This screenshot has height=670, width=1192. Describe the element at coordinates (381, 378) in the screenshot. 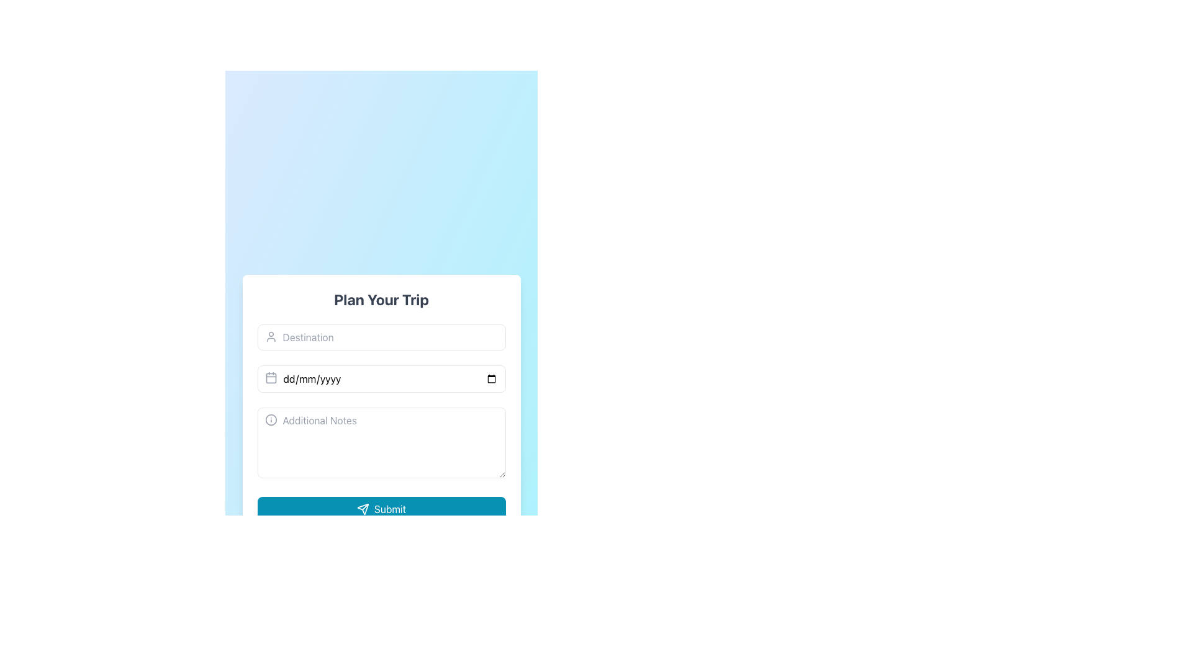

I see `the Date Picker input field located in the 'Plan Your Trip' section, beneath the 'Destination' input field and above the 'Additional Notes' input area to focus the input field` at that location.